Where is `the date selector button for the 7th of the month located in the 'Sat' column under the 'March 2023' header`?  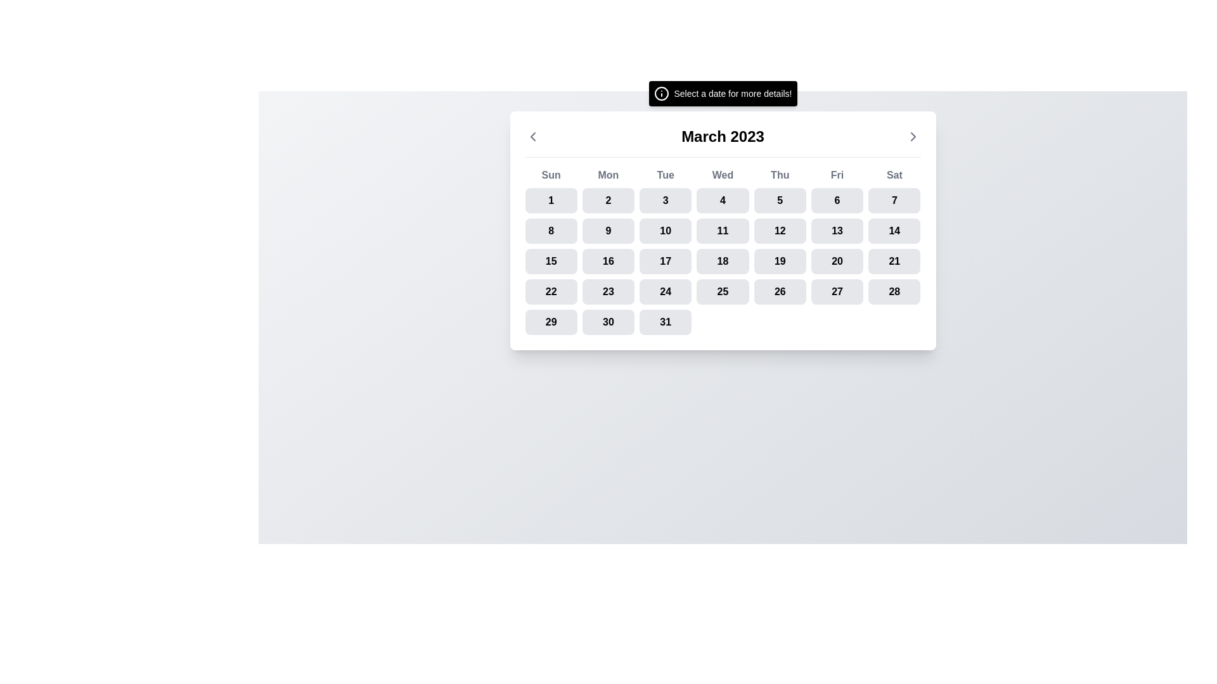 the date selector button for the 7th of the month located in the 'Sat' column under the 'March 2023' header is located at coordinates (894, 199).